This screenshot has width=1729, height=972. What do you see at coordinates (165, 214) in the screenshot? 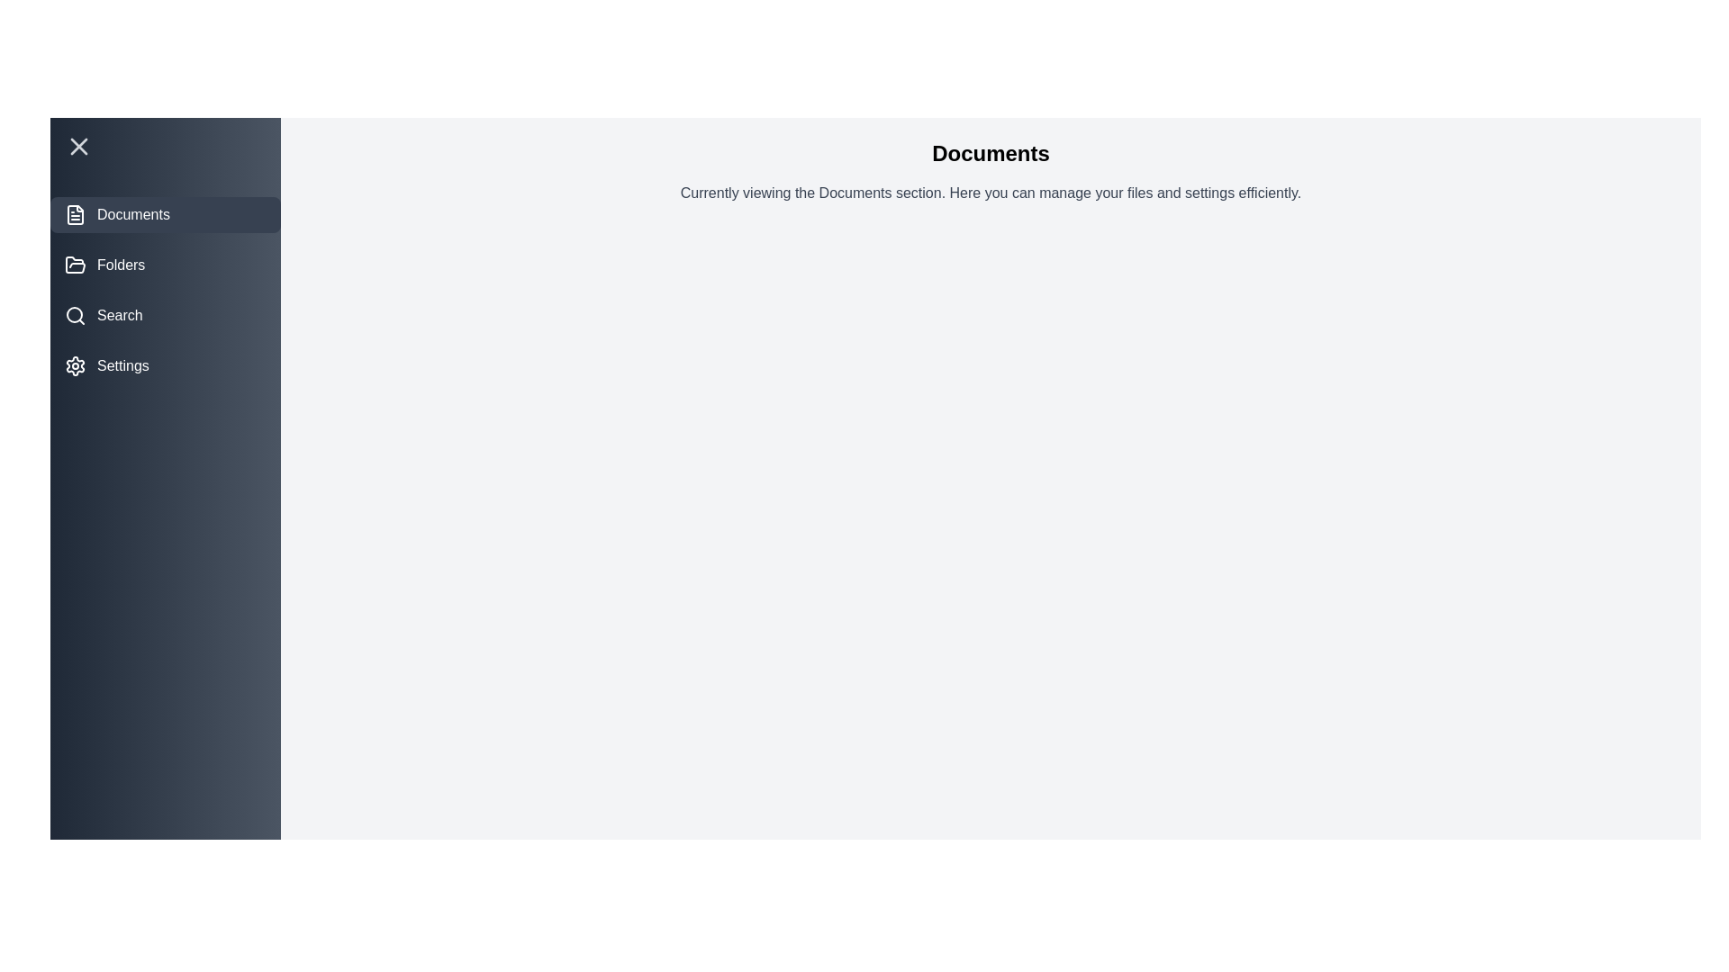
I see `the Documents section by clicking on its corresponding menu item` at bounding box center [165, 214].